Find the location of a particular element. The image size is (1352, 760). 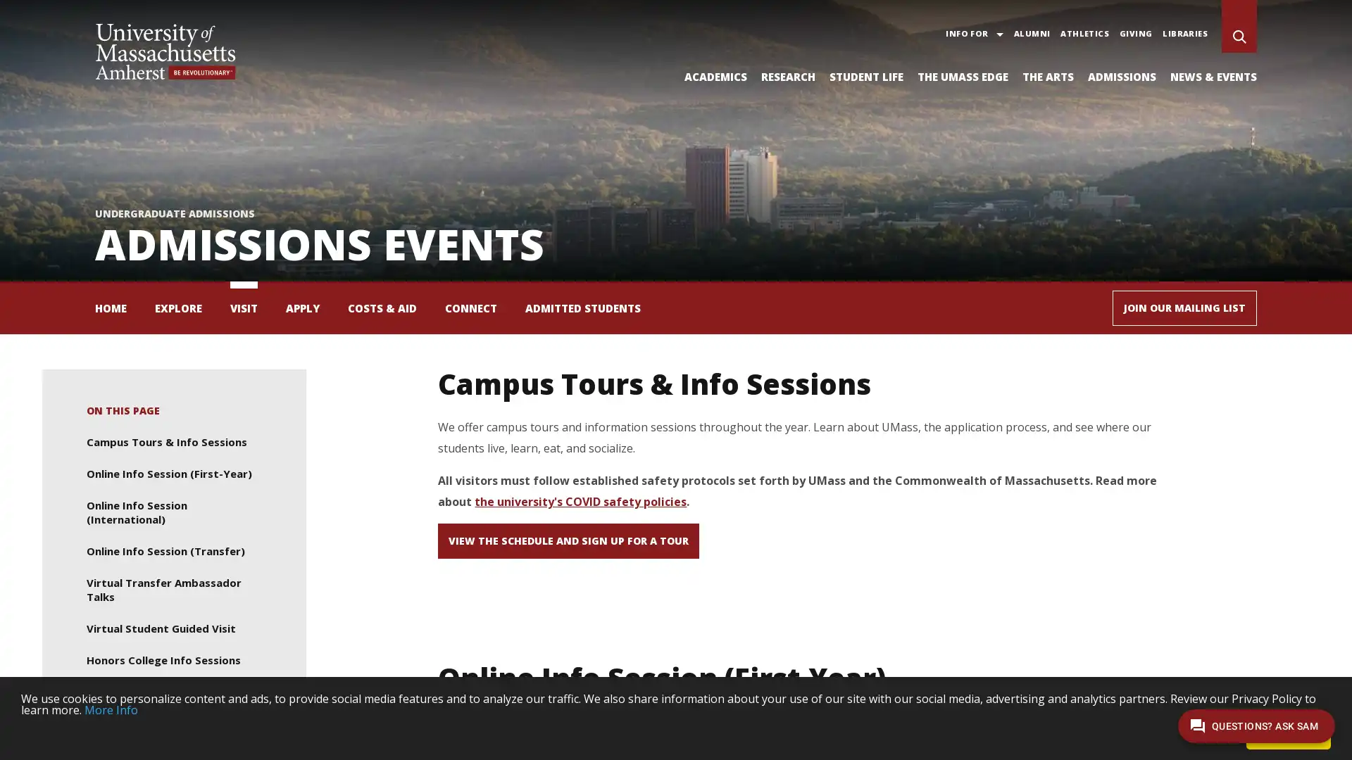

Search UMass Amherst is located at coordinates (1239, 37).